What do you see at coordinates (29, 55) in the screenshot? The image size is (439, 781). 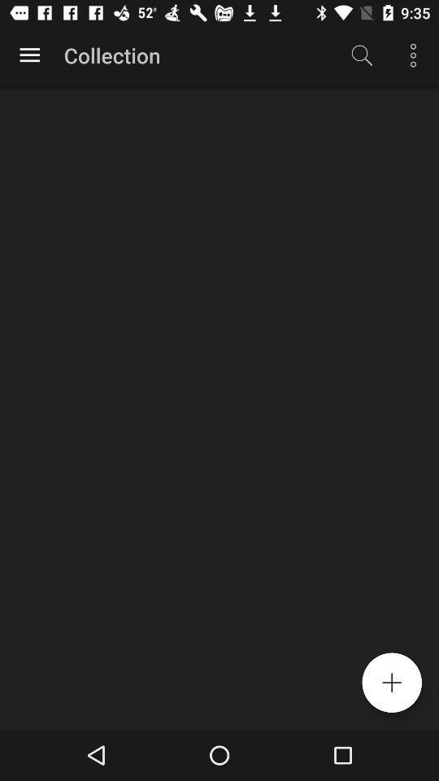 I see `icon next to the collection item` at bounding box center [29, 55].